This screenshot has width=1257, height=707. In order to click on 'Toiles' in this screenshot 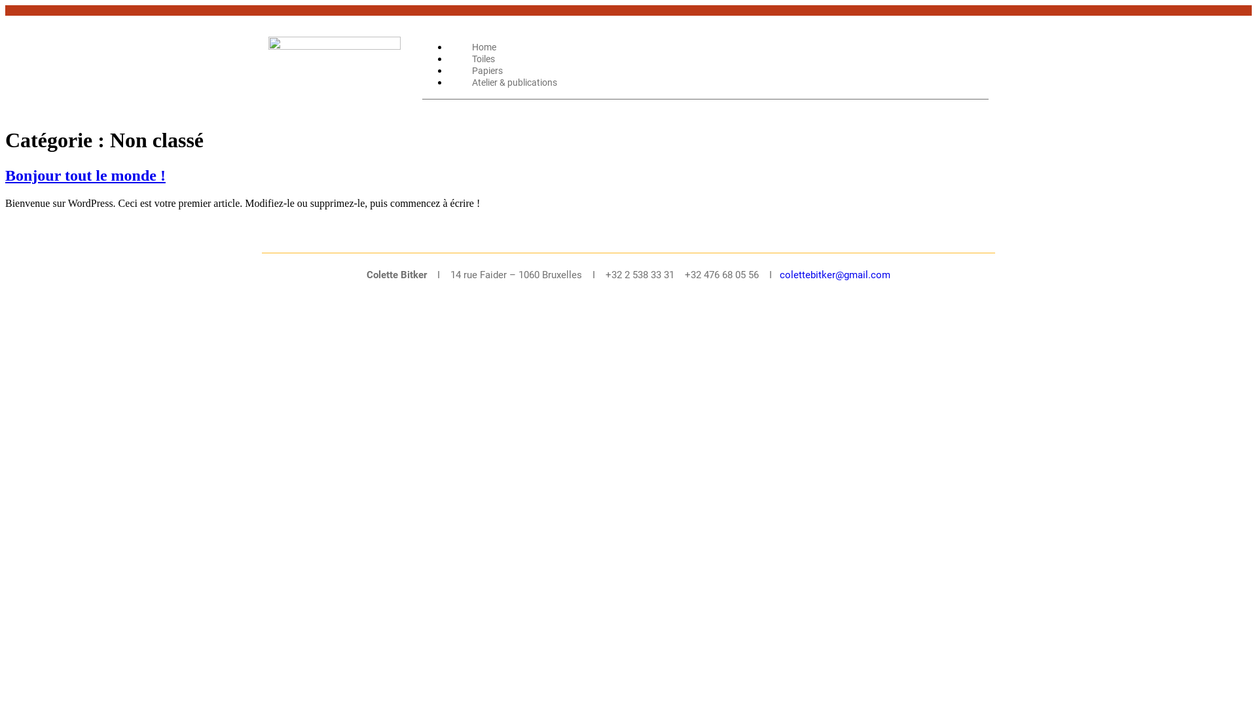, I will do `click(448, 58)`.